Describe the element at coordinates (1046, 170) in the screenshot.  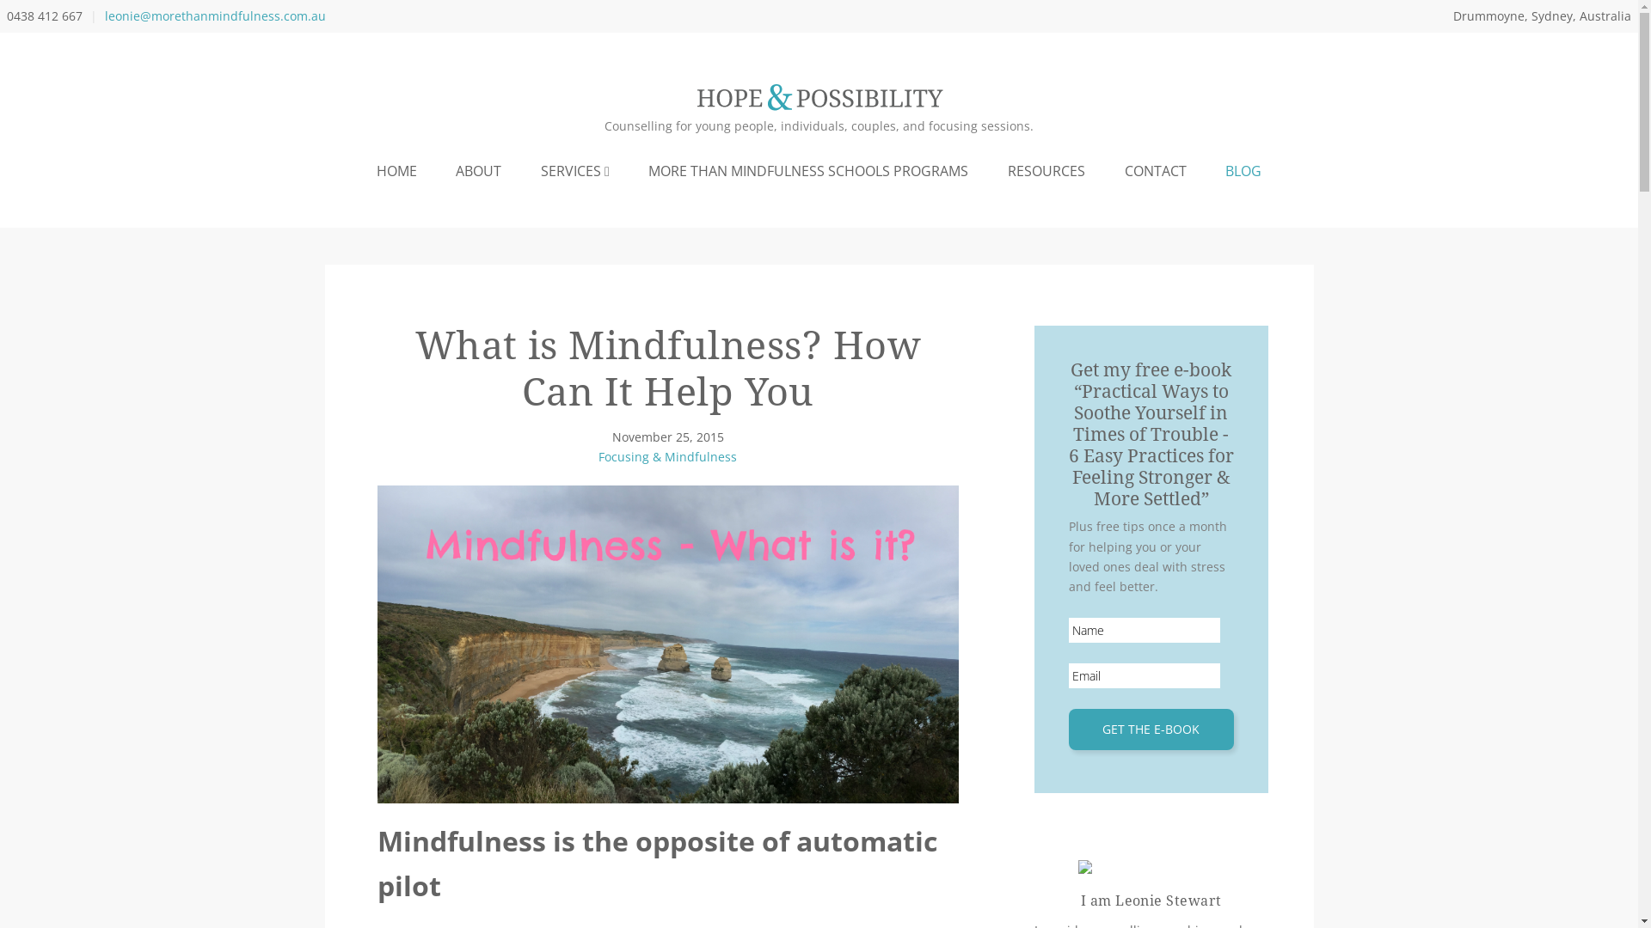
I see `'RESOURCES'` at that location.